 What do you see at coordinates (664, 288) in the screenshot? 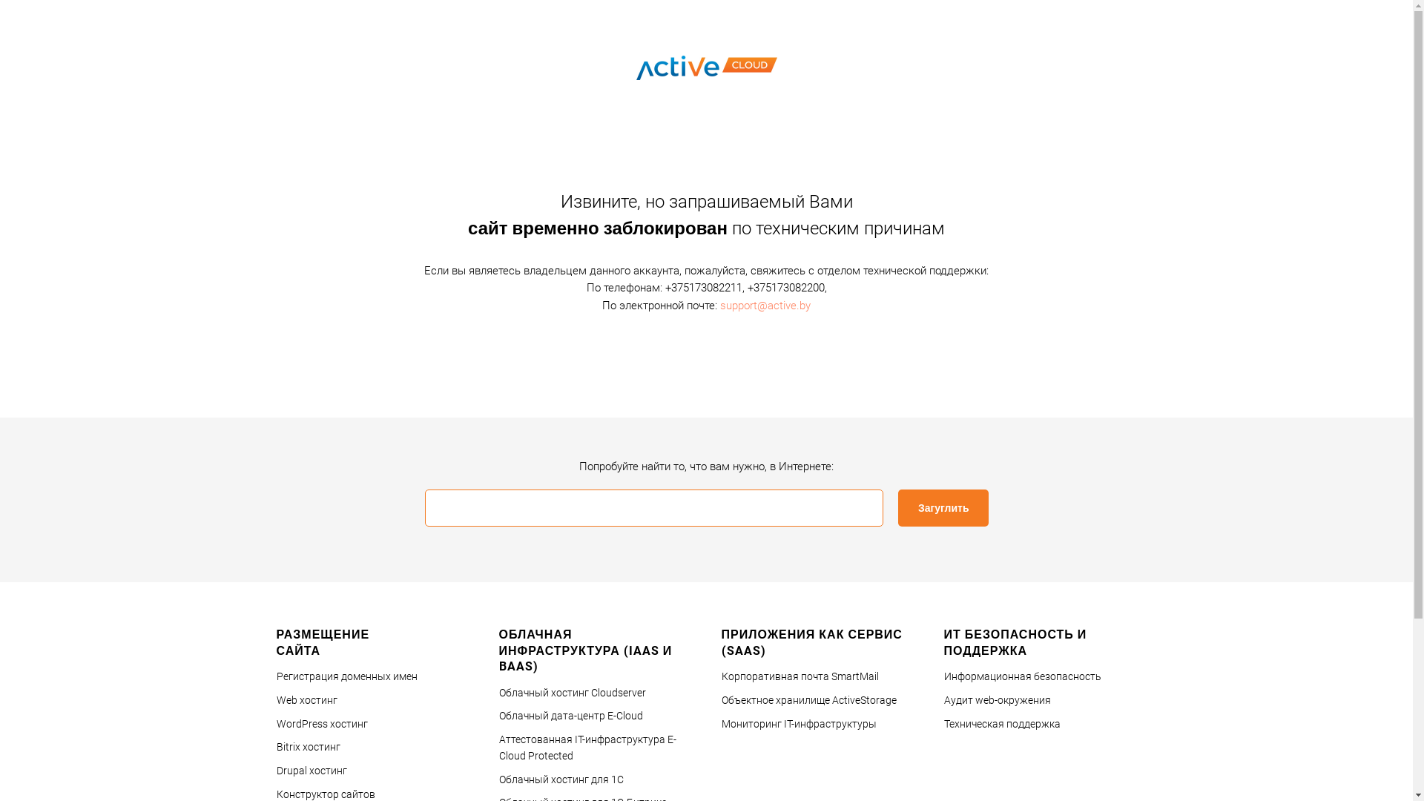
I see `'+375173082211'` at bounding box center [664, 288].